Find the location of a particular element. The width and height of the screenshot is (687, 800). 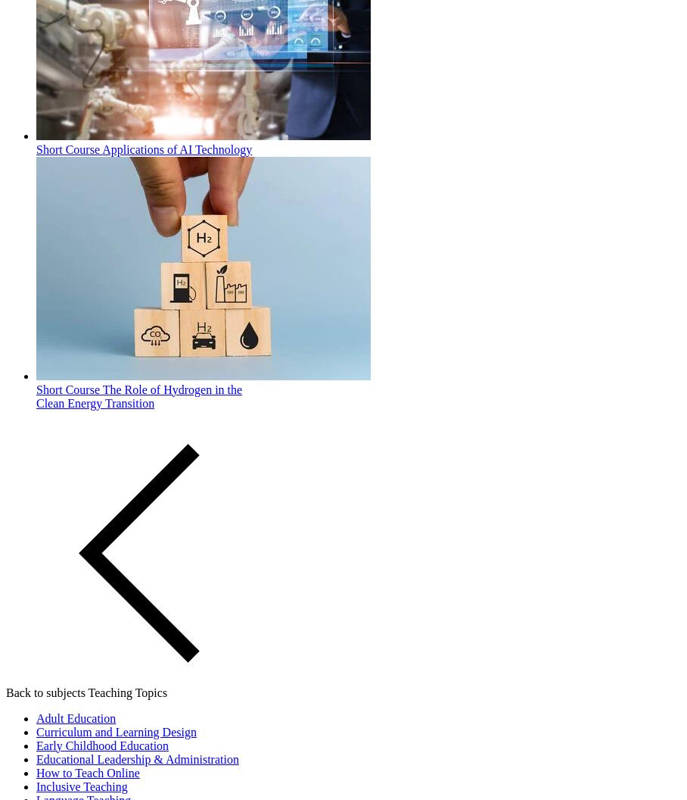

'Adult Education' is located at coordinates (75, 717).